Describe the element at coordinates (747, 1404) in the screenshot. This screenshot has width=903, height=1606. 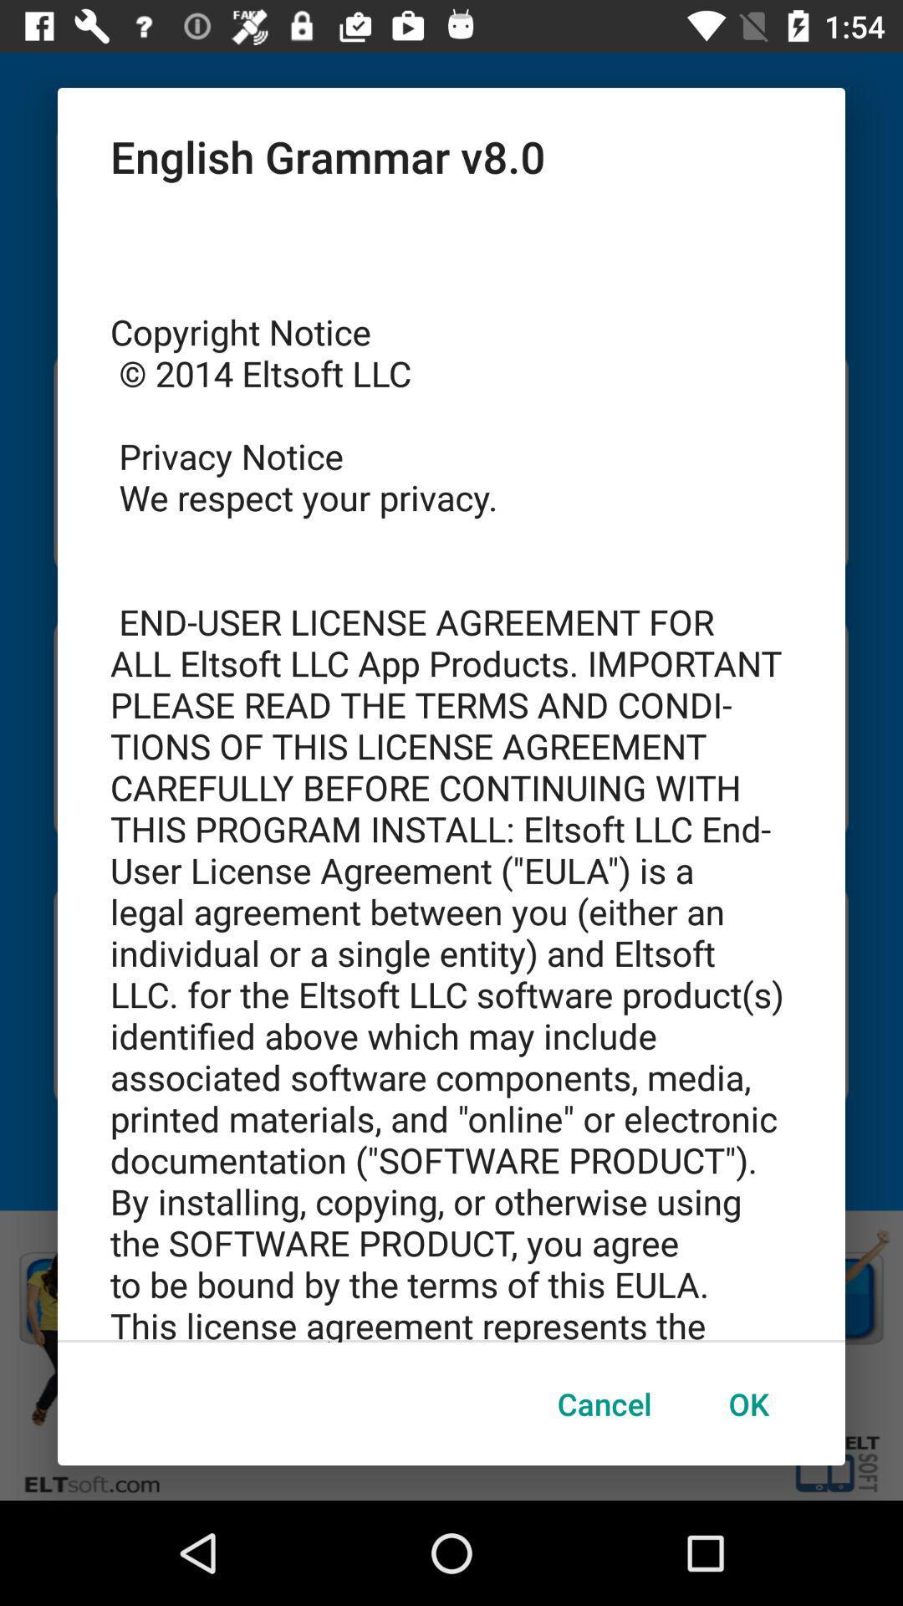
I see `item below the copyright notice 2014 app` at that location.